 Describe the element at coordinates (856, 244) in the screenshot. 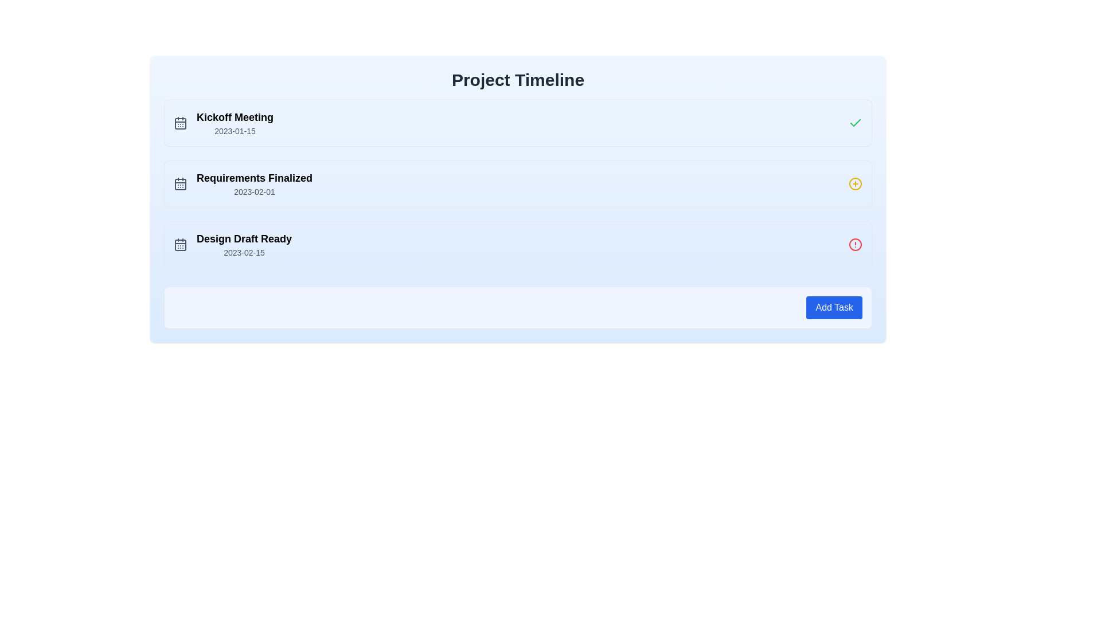

I see `the alert icon located in the rightmost section of the 'Design Draft Ready' row dated '2023-02-15'` at that location.